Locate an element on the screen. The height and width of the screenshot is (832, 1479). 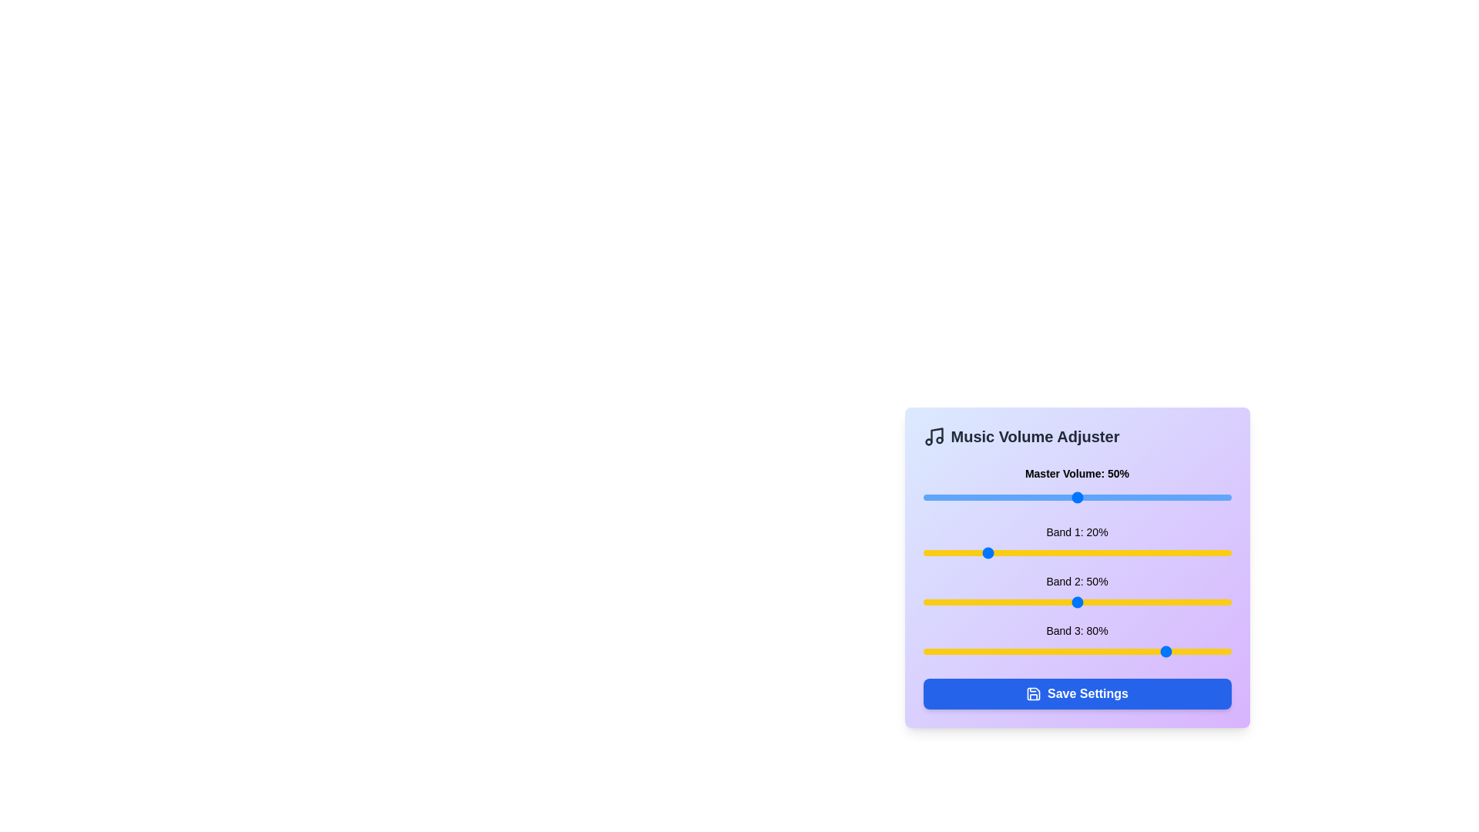
the yellow horizontal slider track labeled 'Band 1: 20%' to move the blue knob to a specific position is located at coordinates (1076, 552).